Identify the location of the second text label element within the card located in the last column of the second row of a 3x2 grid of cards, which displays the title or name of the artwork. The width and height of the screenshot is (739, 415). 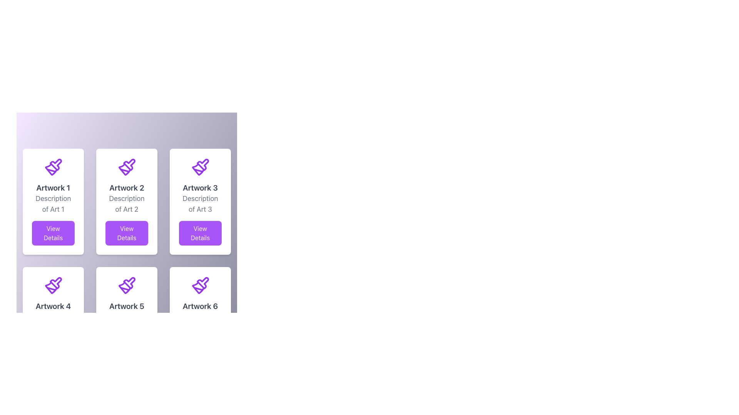
(200, 306).